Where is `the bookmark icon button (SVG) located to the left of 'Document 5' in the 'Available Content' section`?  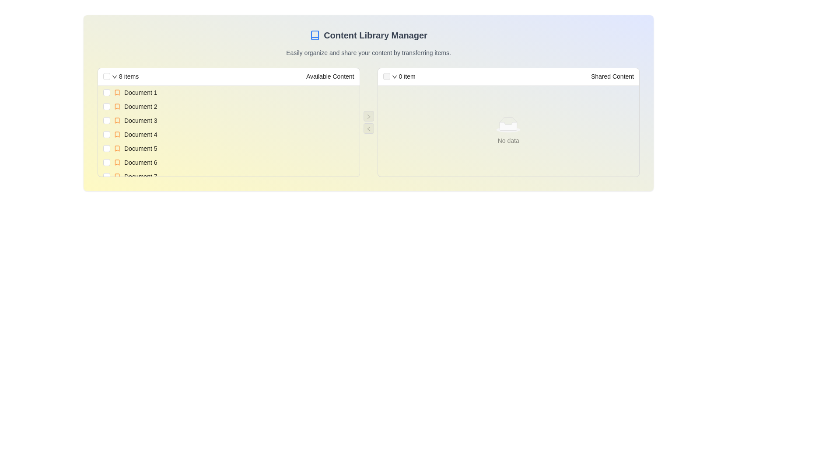
the bookmark icon button (SVG) located to the left of 'Document 5' in the 'Available Content' section is located at coordinates (117, 148).